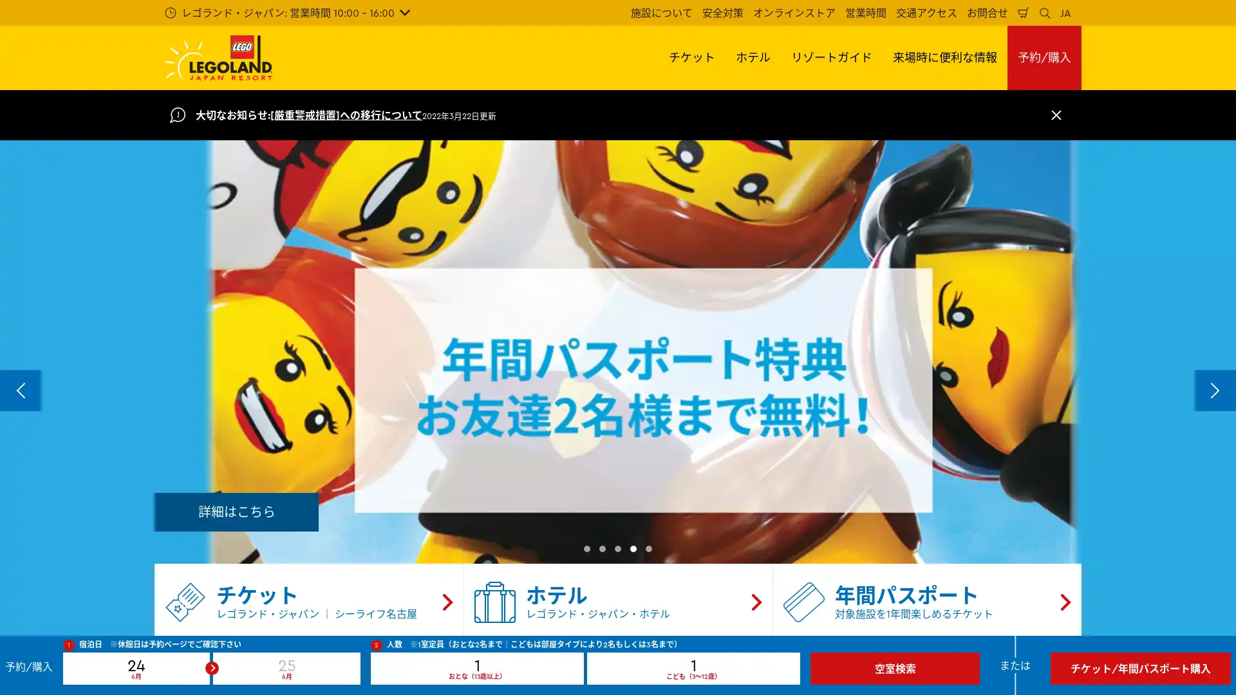 Image resolution: width=1236 pixels, height=695 pixels. What do you see at coordinates (1044, 57) in the screenshot?
I see `/` at bounding box center [1044, 57].